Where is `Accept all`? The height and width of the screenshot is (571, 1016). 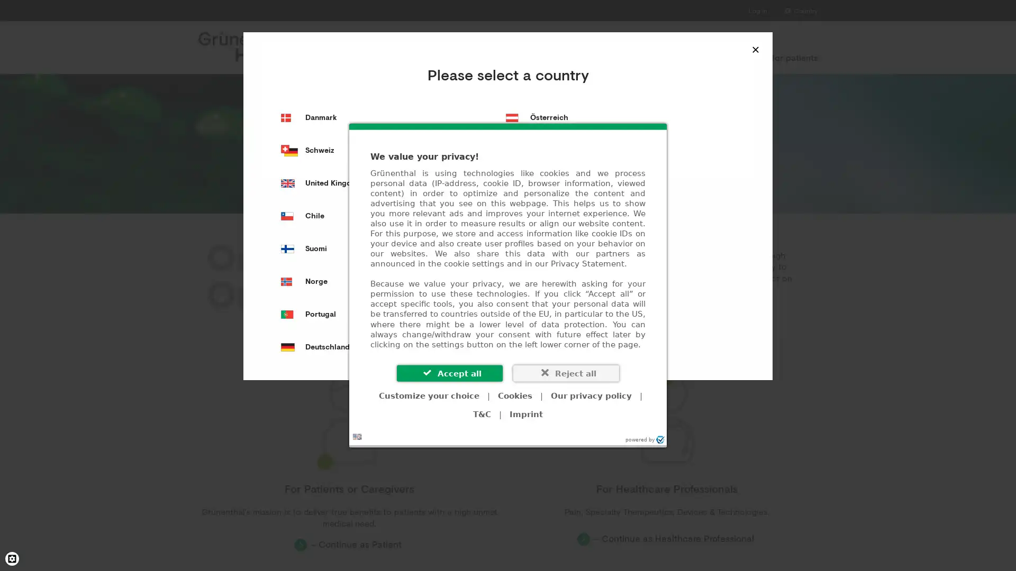 Accept all is located at coordinates (449, 372).